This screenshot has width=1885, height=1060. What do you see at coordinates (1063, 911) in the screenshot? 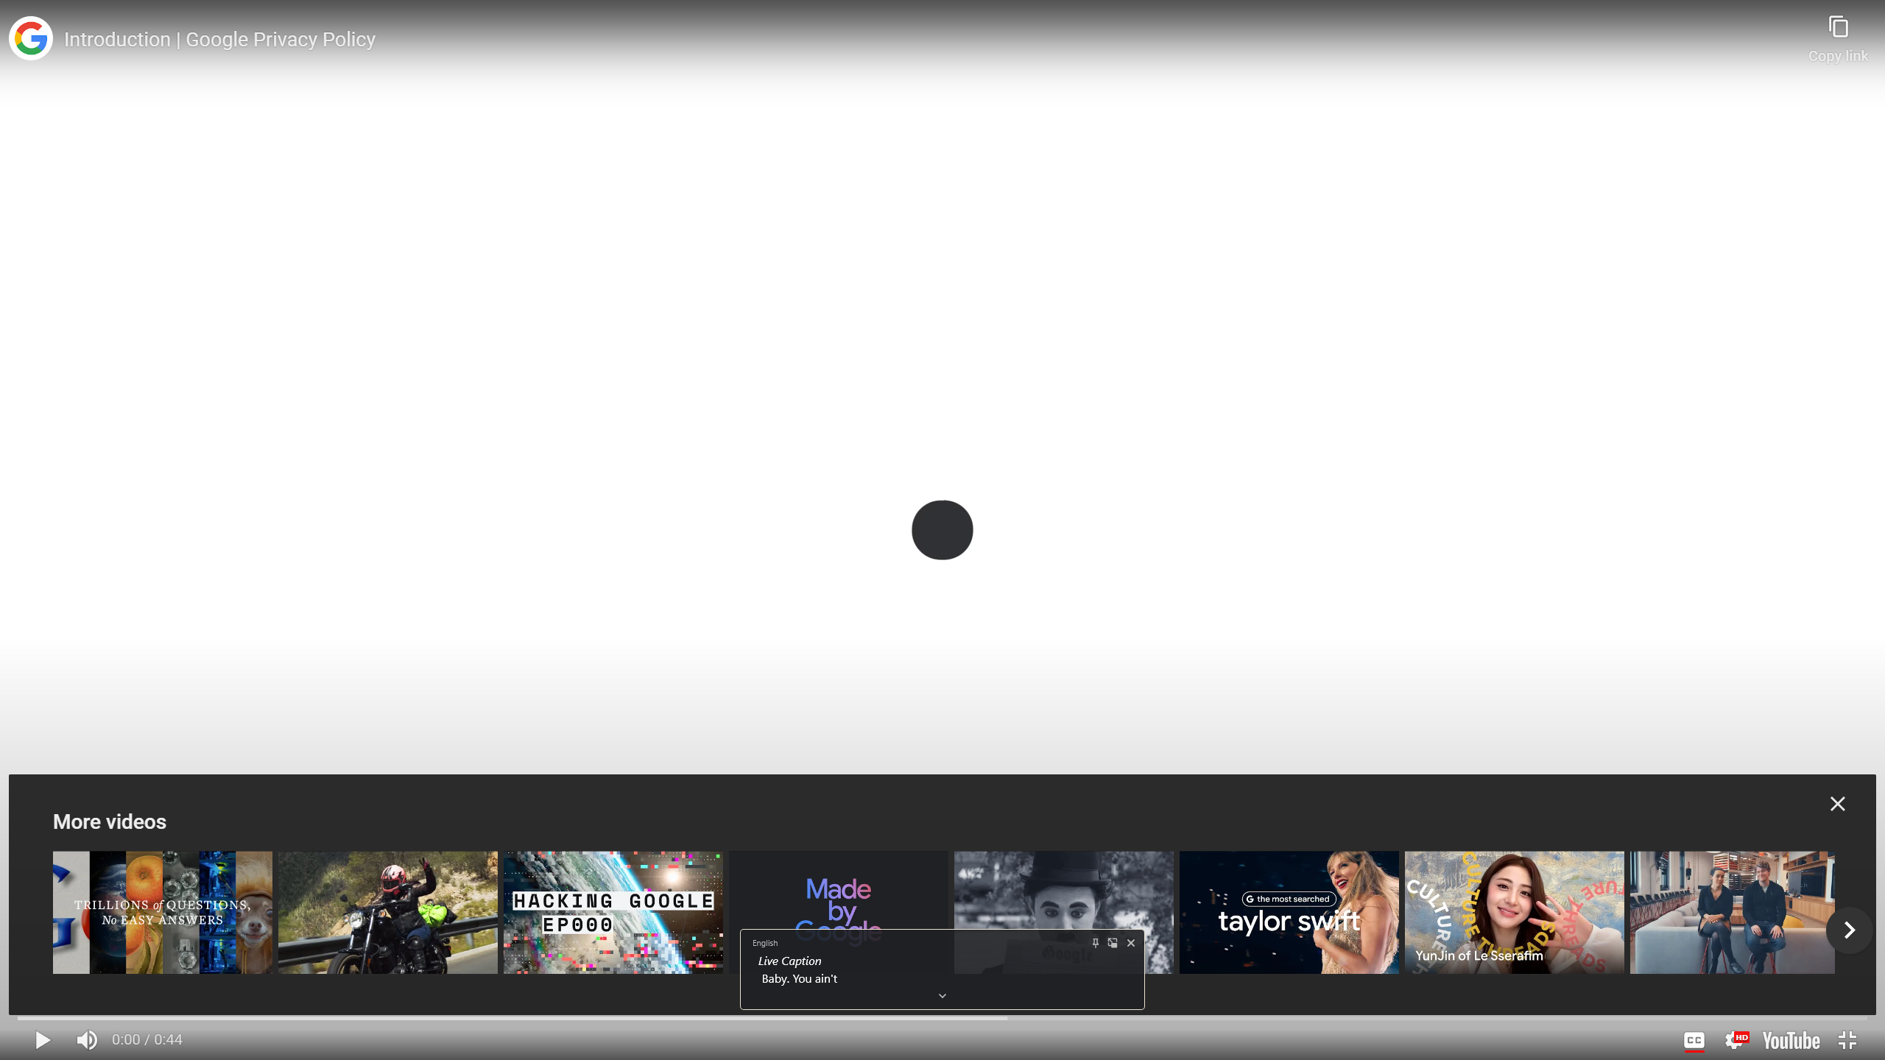
I see `'Charlie Chaplin Google Doodle'` at bounding box center [1063, 911].